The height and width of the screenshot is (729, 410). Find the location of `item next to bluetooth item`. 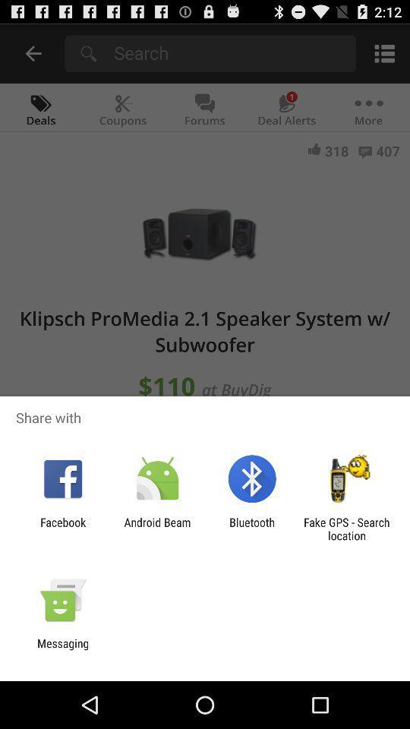

item next to bluetooth item is located at coordinates (156, 529).